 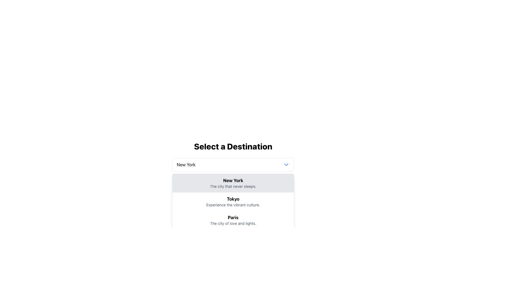 I want to click on the text element reading 'The city of love and lights.' which is styled in gray and positioned below the bold heading 'Paris.', so click(x=233, y=223).